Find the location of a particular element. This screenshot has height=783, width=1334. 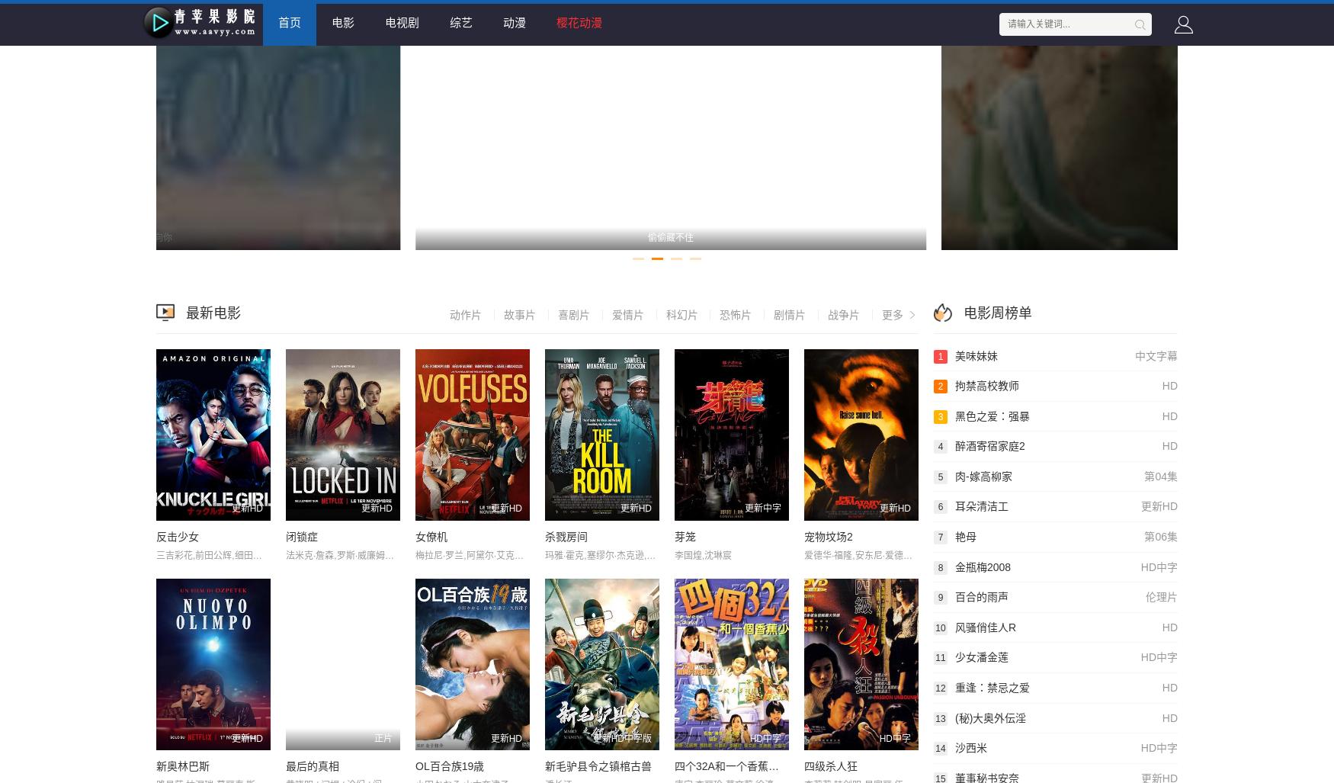

'风骚俏佳人R' is located at coordinates (985, 627).